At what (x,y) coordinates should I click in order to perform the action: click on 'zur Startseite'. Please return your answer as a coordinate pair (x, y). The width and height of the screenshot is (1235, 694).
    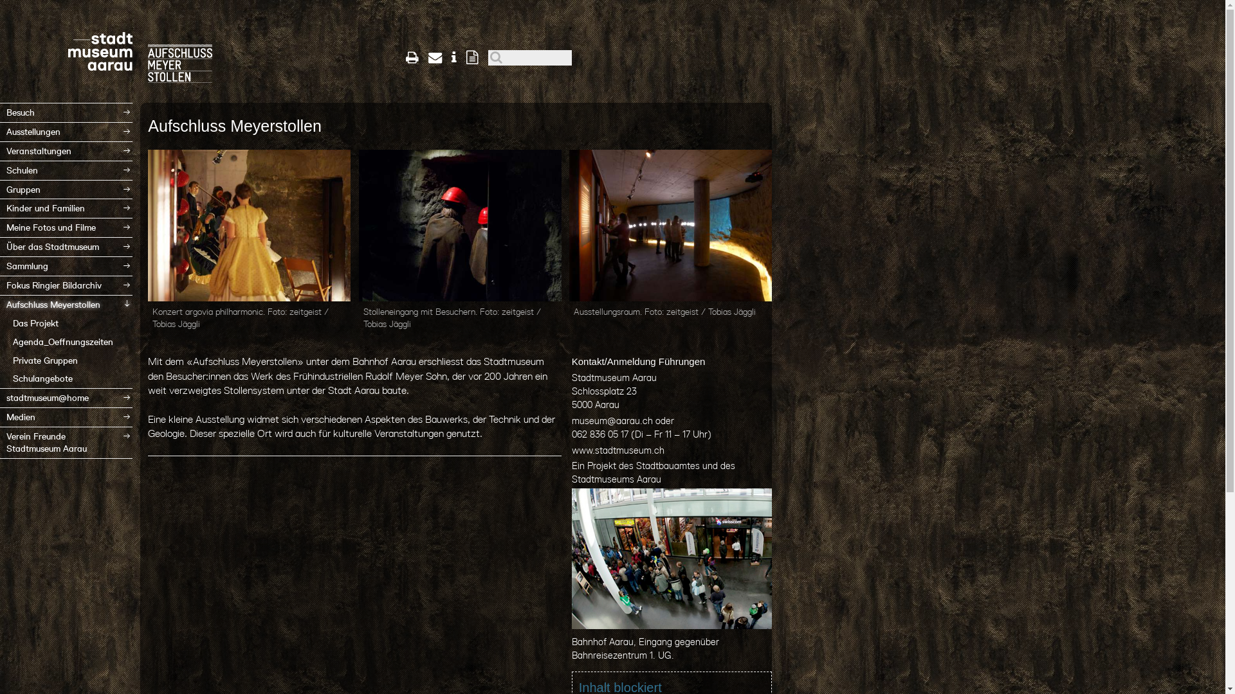
    Looking at the image, I should click on (179, 46).